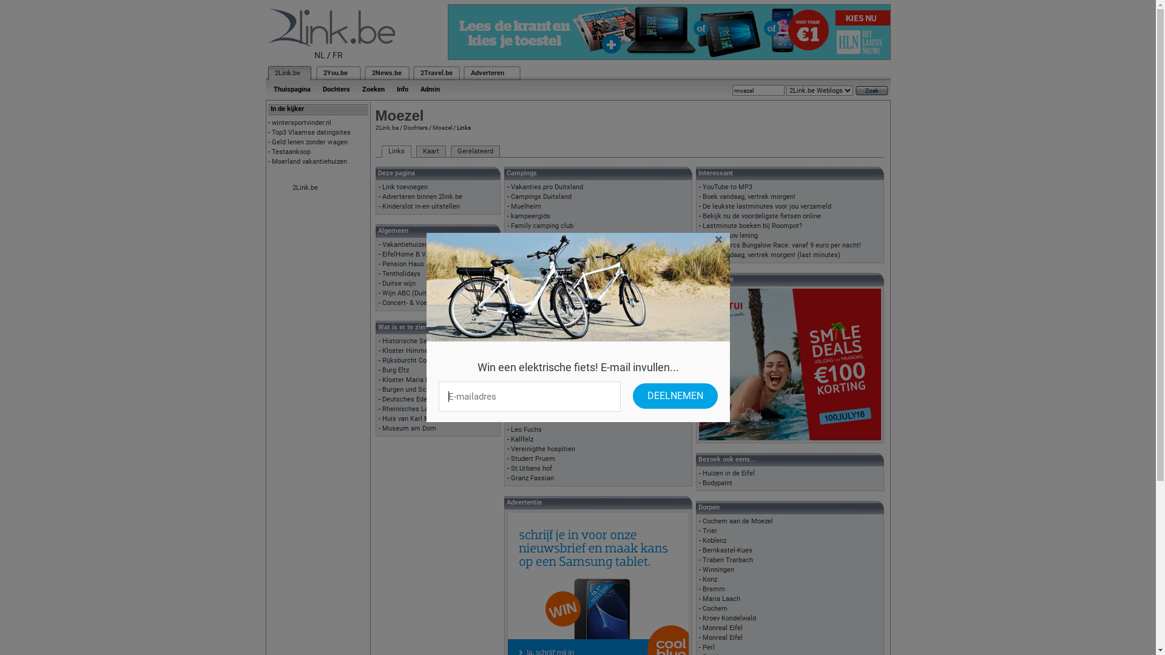 The height and width of the screenshot is (655, 1165). Describe the element at coordinates (487, 73) in the screenshot. I see `'Adverteren'` at that location.